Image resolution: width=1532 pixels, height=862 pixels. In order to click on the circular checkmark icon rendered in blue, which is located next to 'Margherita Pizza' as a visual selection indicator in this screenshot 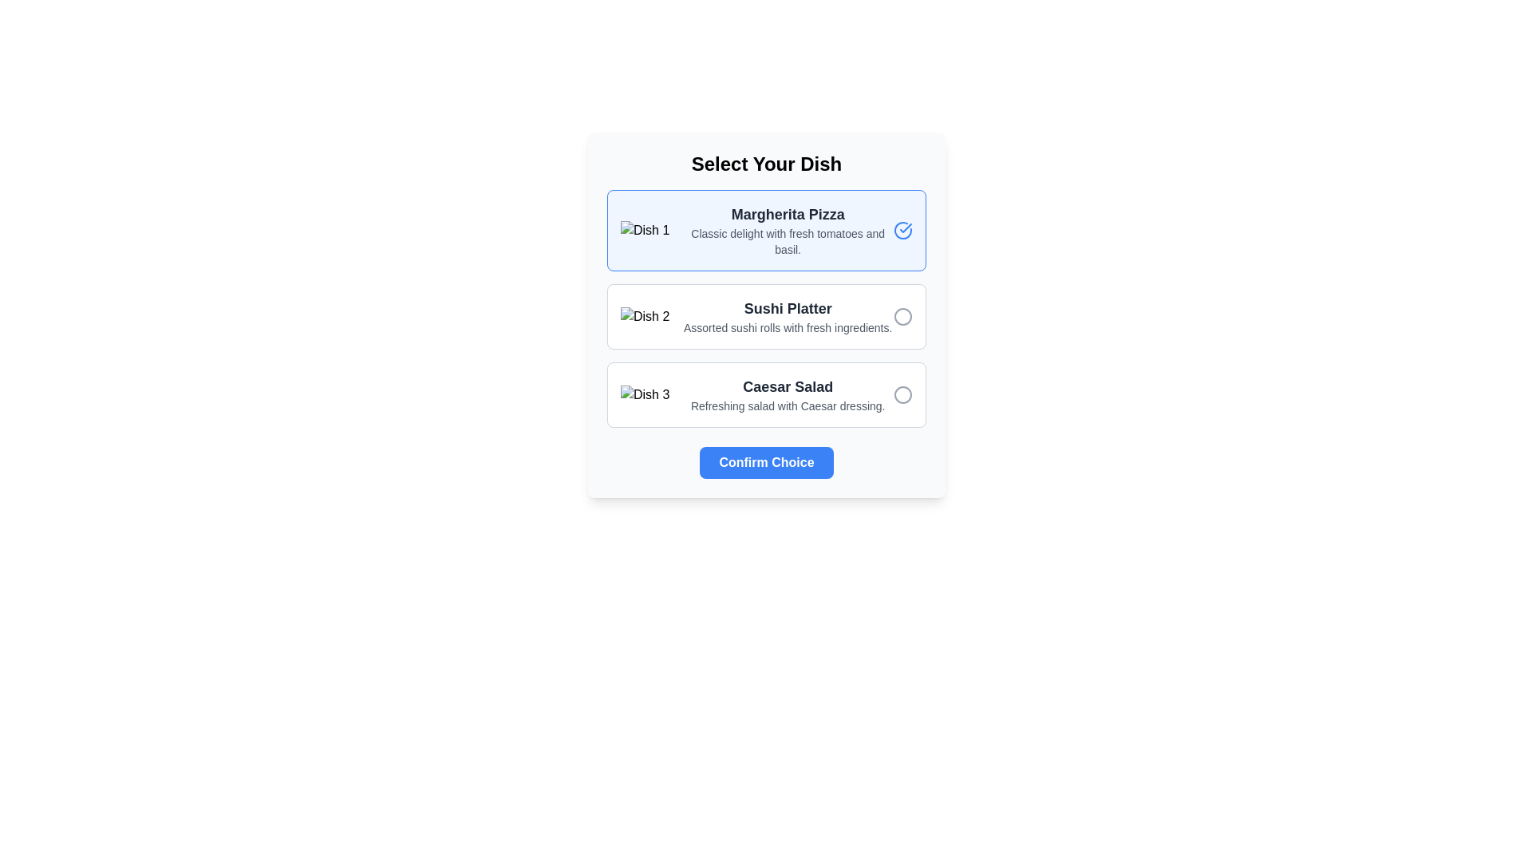, I will do `click(903, 231)`.